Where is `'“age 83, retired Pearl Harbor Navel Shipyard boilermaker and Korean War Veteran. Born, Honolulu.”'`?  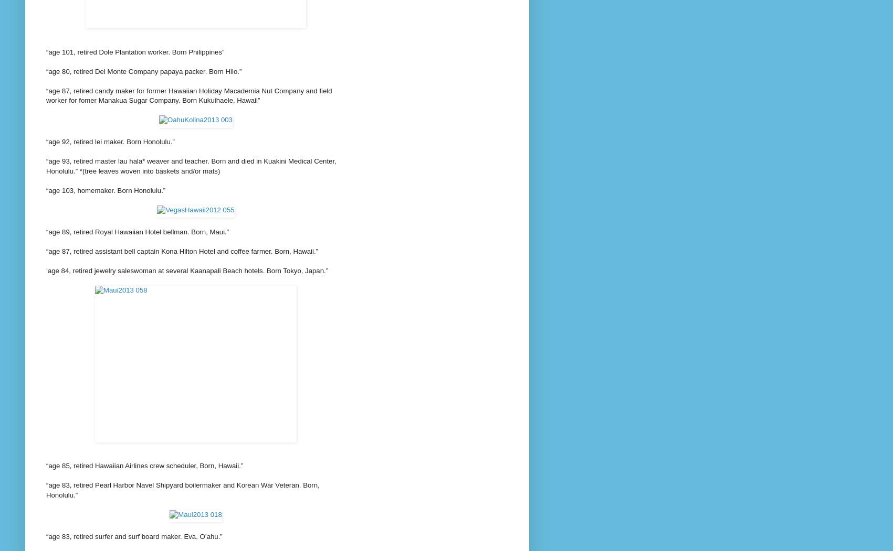
'“age 83, retired Pearl Harbor Navel Shipyard boilermaker and Korean War Veteran. Born, Honolulu.”' is located at coordinates (183, 489).